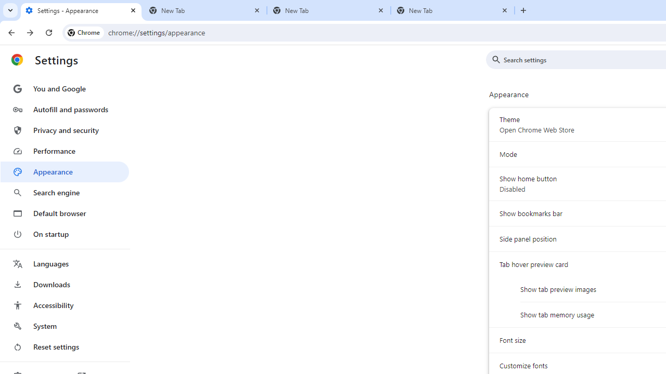  I want to click on 'Accessibility', so click(64, 304).